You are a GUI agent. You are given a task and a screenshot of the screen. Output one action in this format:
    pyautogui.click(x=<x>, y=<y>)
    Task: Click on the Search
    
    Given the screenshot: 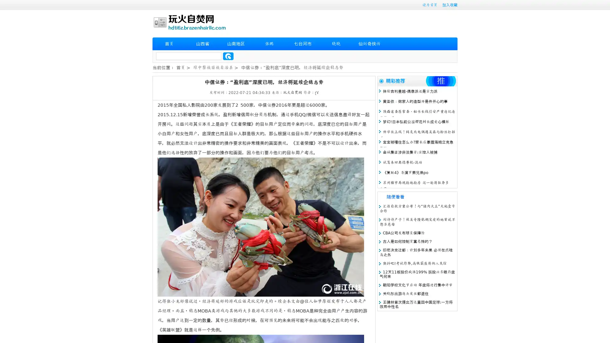 What is the action you would take?
    pyautogui.click(x=228, y=56)
    